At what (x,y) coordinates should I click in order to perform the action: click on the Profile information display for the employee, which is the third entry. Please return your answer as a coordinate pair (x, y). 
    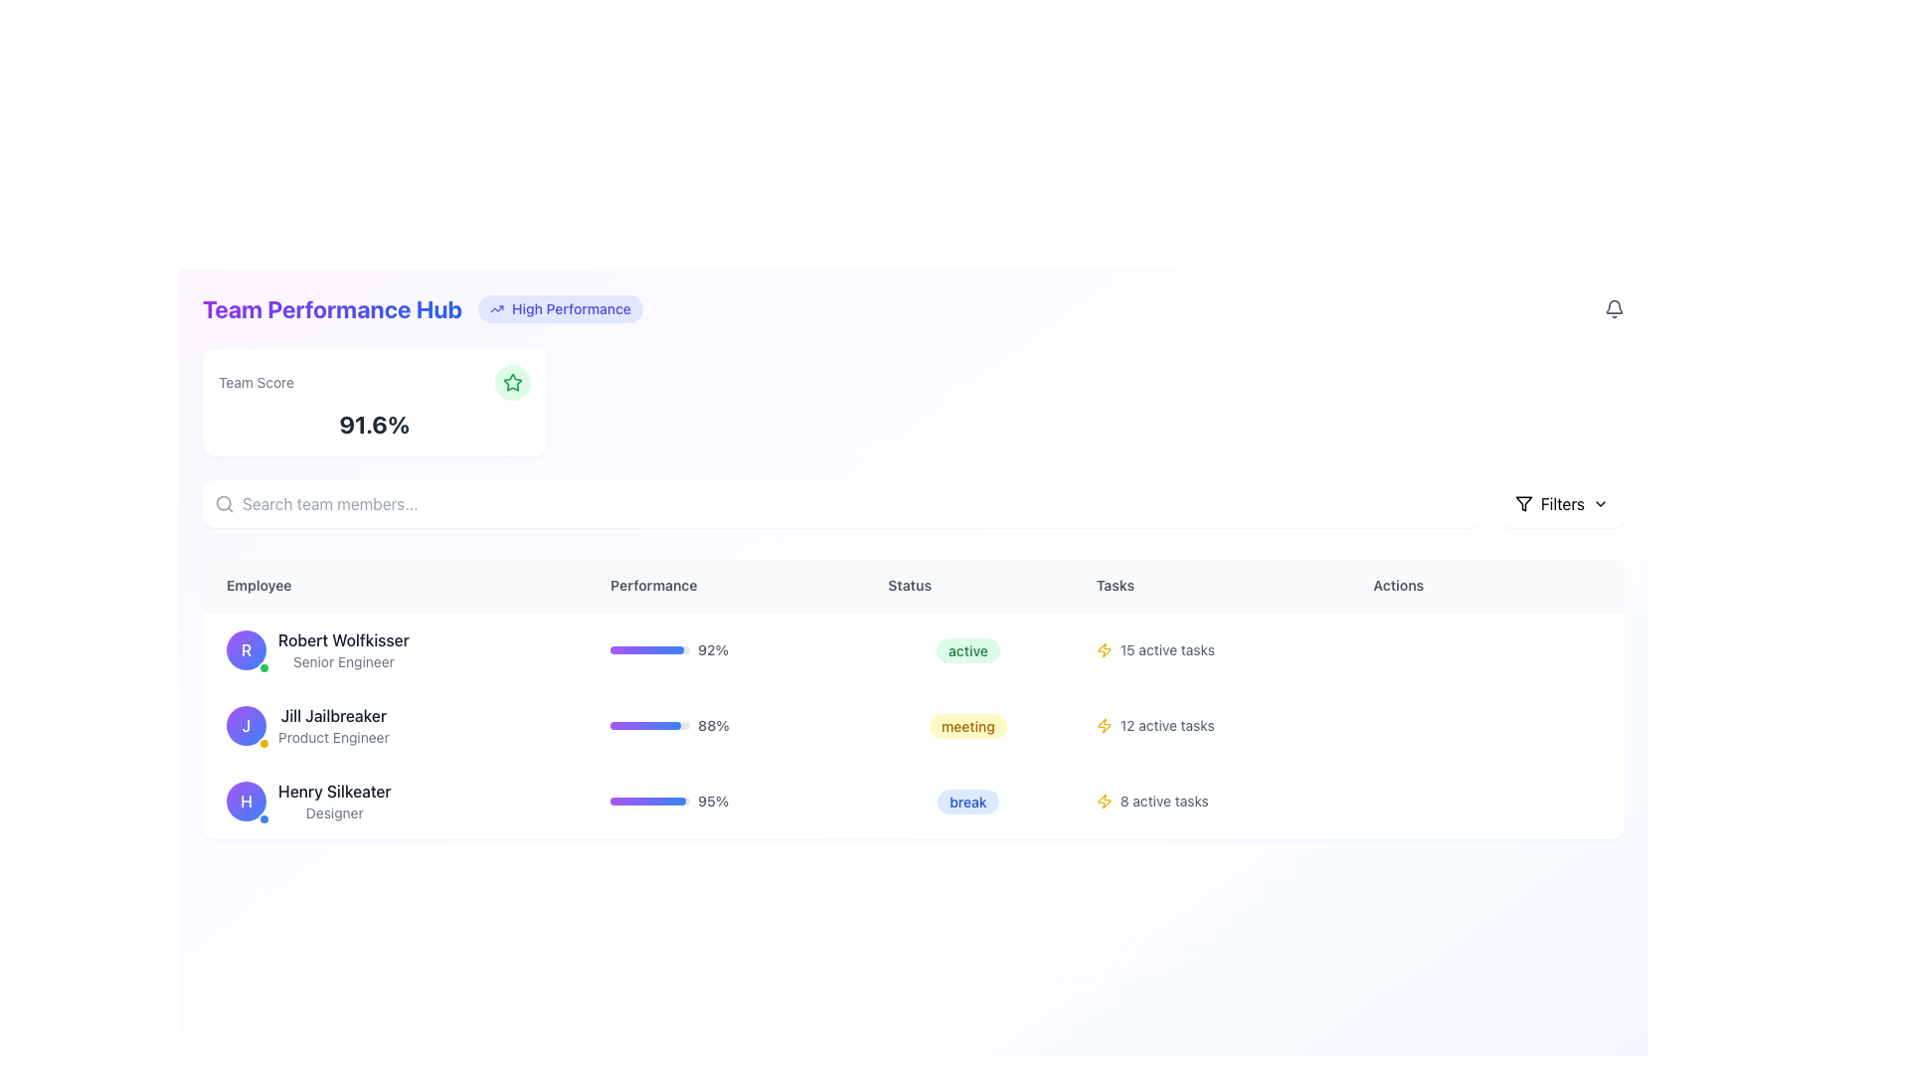
    Looking at the image, I should click on (395, 801).